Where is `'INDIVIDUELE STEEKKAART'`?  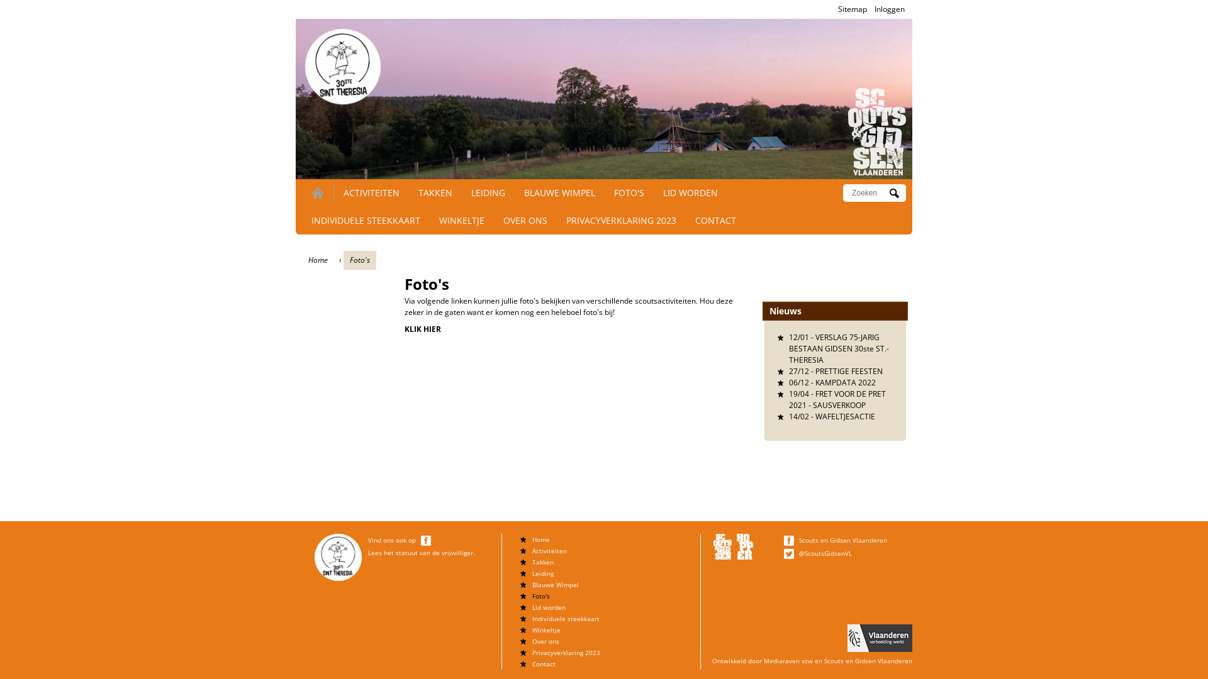 'INDIVIDUELE STEEKKAART' is located at coordinates (365, 219).